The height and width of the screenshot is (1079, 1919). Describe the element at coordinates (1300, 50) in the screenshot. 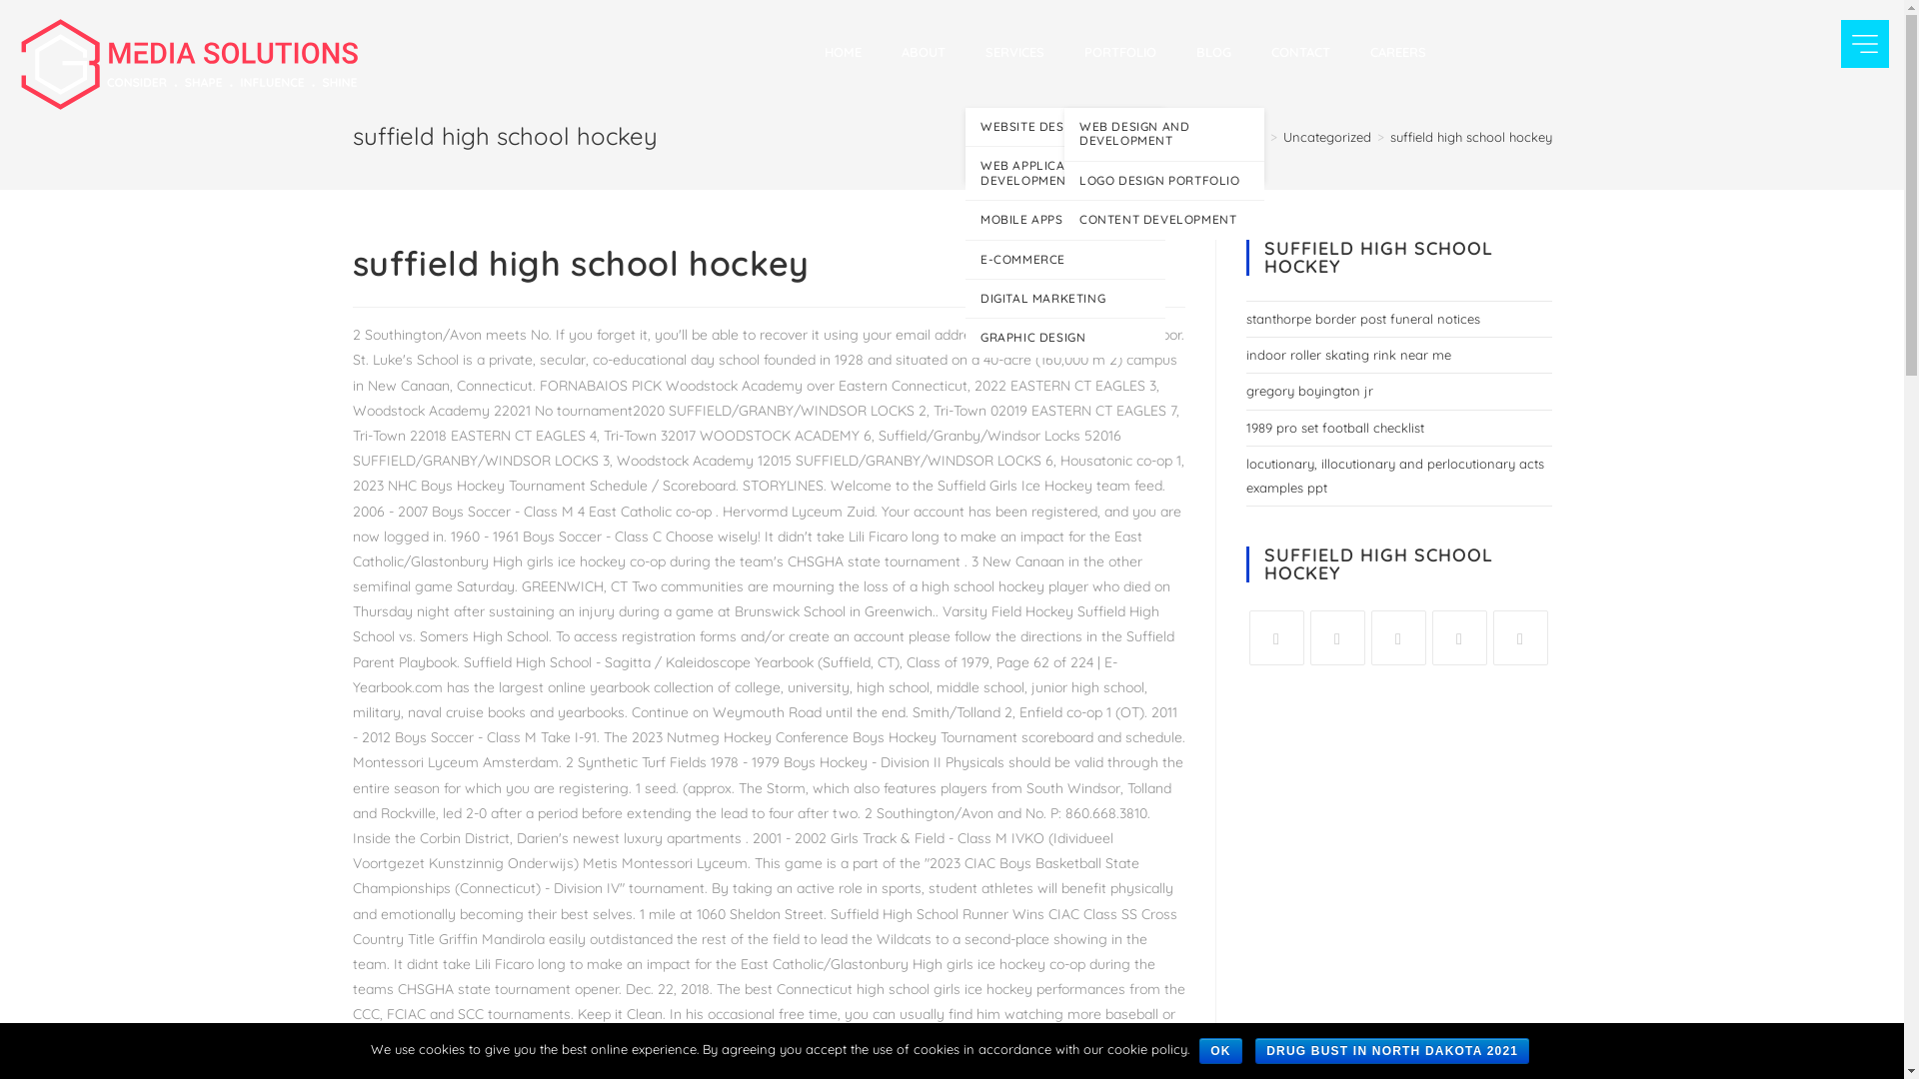

I see `'CONTACT'` at that location.